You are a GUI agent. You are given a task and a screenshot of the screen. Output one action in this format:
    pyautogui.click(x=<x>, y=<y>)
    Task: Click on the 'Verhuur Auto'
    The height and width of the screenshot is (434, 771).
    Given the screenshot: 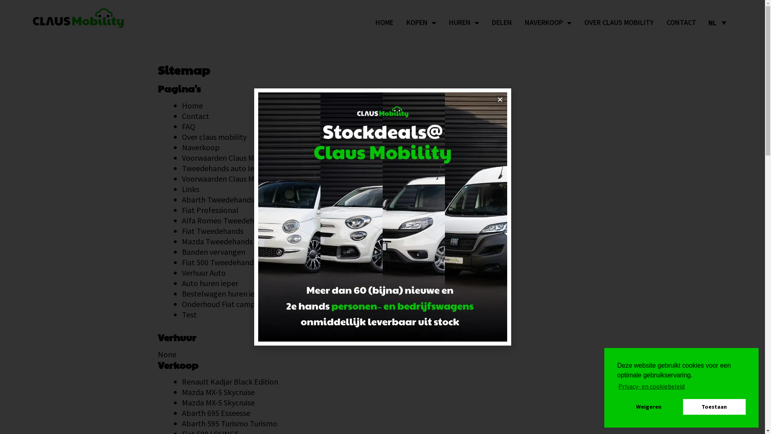 What is the action you would take?
    pyautogui.click(x=181, y=272)
    